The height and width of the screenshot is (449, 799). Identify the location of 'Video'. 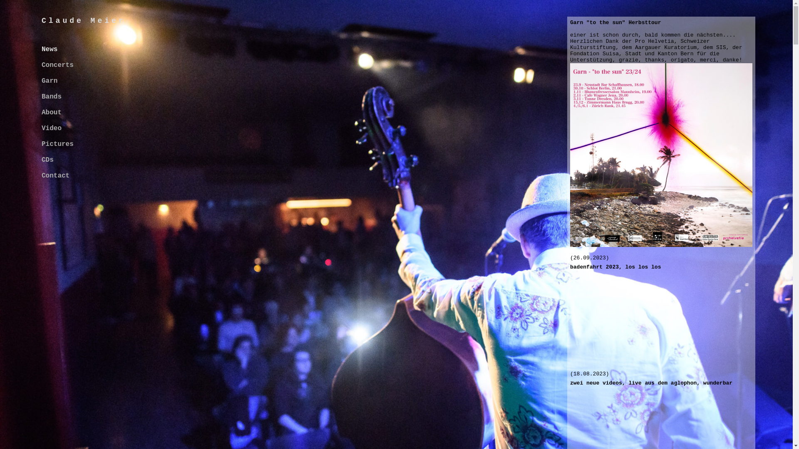
(51, 128).